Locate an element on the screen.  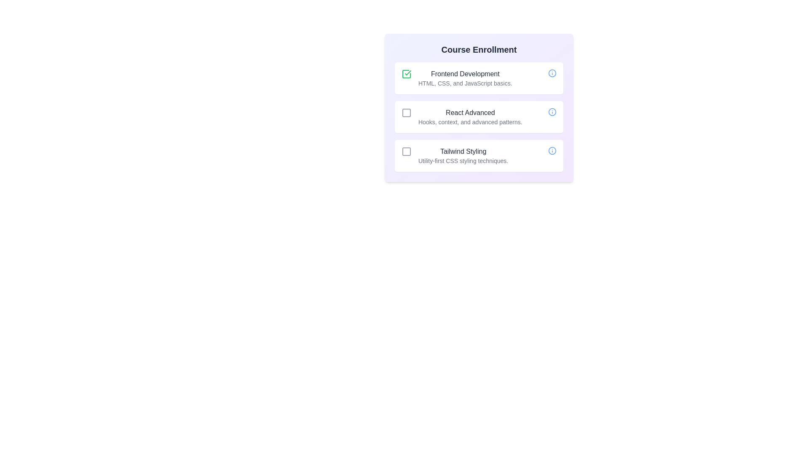
the text label that describes the 'Frontend Development' course, which provides details about HTML, CSS, and JavaScript basics, positioned below the course title in the 'Course Enrollment' section is located at coordinates (465, 83).